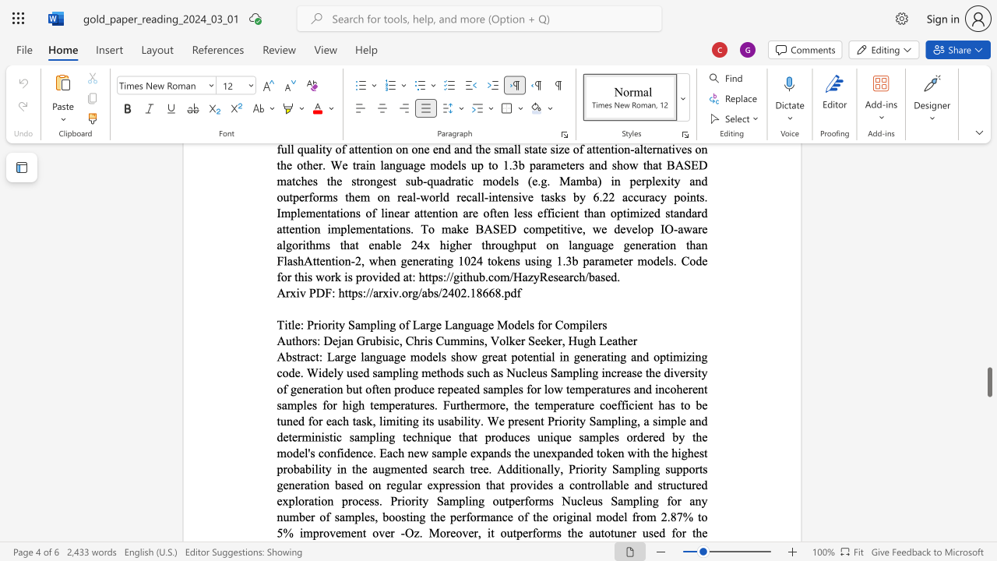 The image size is (997, 561). Describe the element at coordinates (988, 366) in the screenshot. I see `the side scrollbar to bring the page up` at that location.